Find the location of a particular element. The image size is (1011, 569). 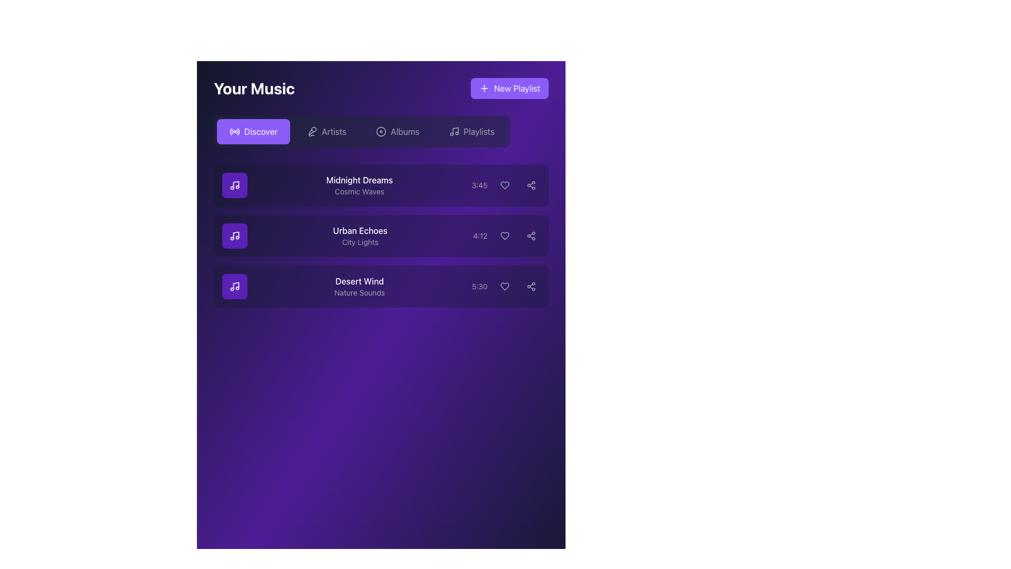

the small text label displaying '3:45' in light gray color on a dark purple background, positioned in the first row of a list, to the right of the main text content is located at coordinates (479, 184).